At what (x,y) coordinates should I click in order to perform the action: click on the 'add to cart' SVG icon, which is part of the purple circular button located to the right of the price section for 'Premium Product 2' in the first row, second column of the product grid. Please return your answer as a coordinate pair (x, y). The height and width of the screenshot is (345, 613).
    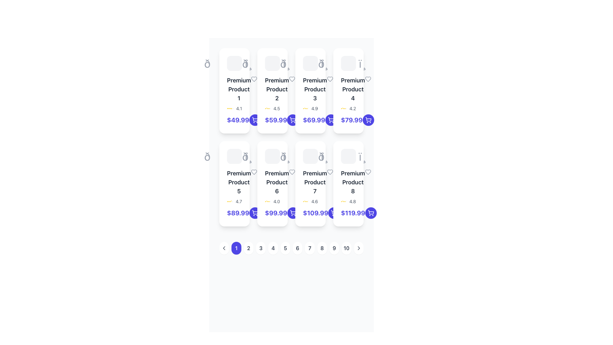
    Looking at the image, I should click on (292, 120).